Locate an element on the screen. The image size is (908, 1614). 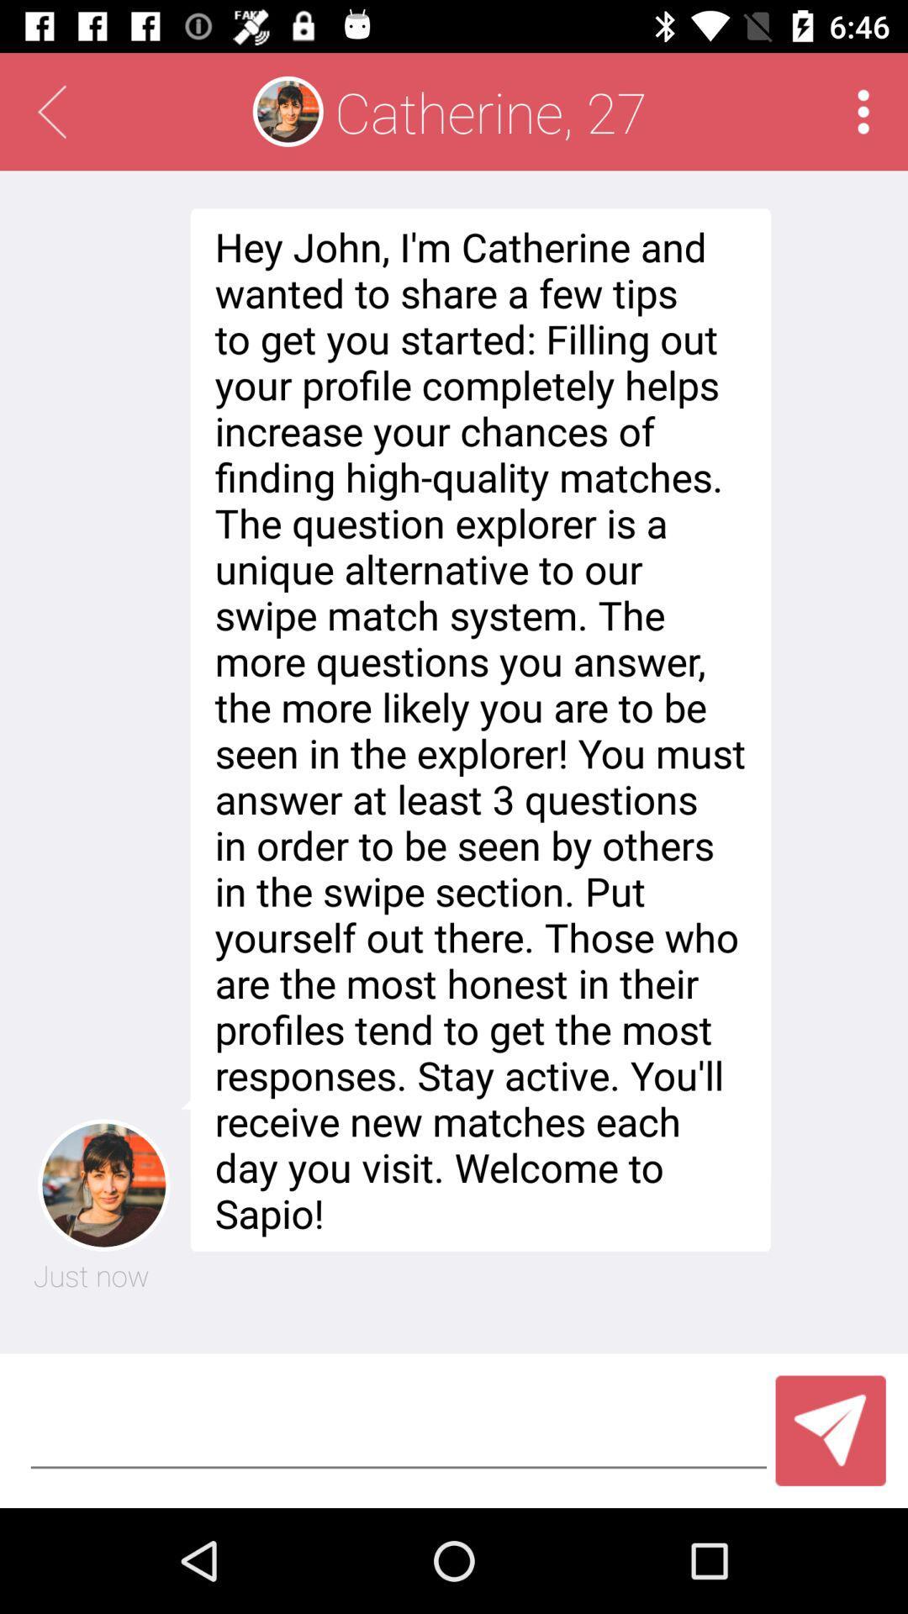
the more icon is located at coordinates (863, 111).